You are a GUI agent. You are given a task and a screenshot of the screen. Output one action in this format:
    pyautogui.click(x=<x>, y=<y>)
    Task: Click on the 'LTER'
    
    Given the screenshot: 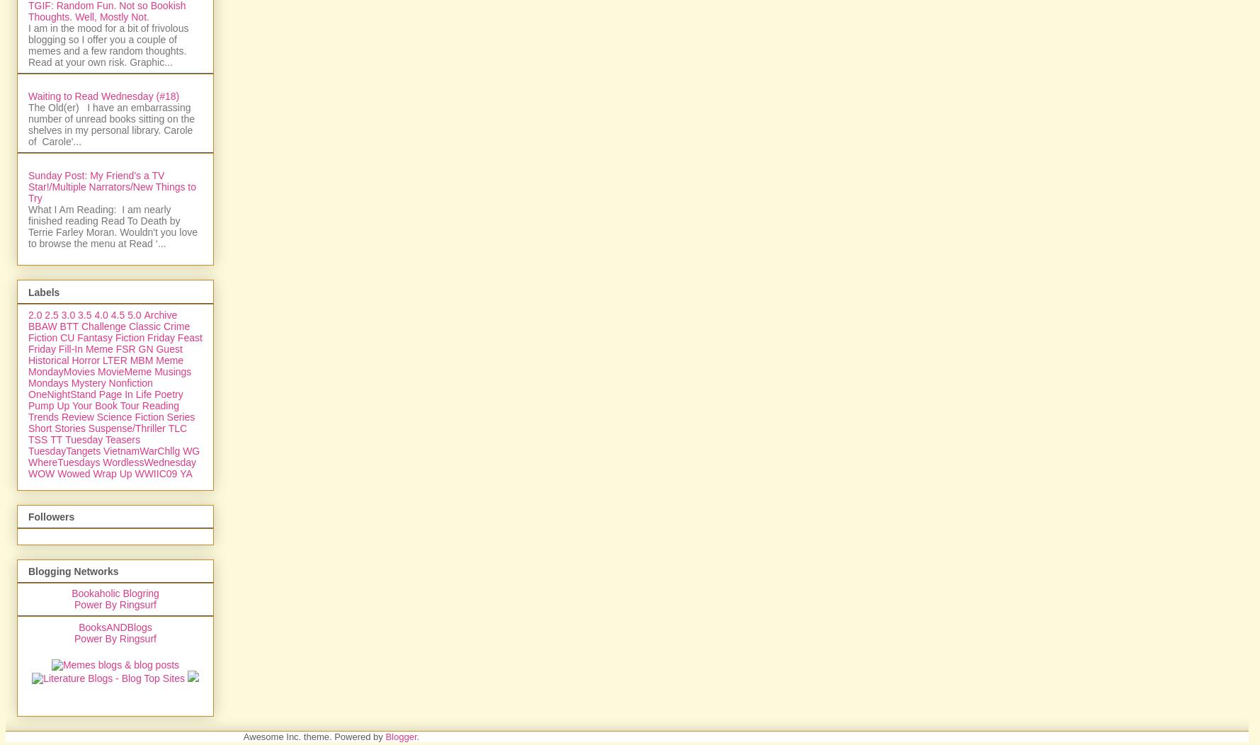 What is the action you would take?
    pyautogui.click(x=115, y=513)
    